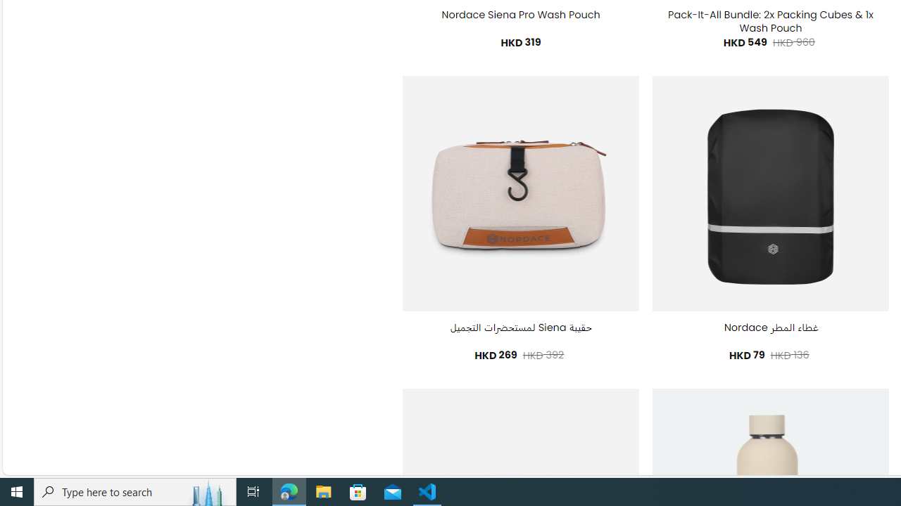 The height and width of the screenshot is (506, 901). What do you see at coordinates (770, 21) in the screenshot?
I see `'Pack-It-All Bundle: 2x Packing Cubes & 1x Wash Pouch'` at bounding box center [770, 21].